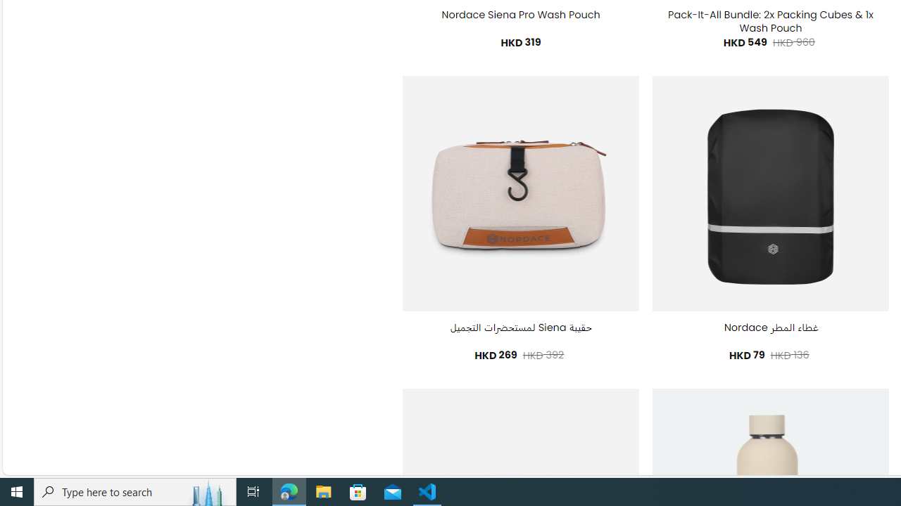 The height and width of the screenshot is (506, 901). What do you see at coordinates (770, 21) in the screenshot?
I see `'Pack-It-All Bundle: 2x Packing Cubes & 1x Wash Pouch'` at bounding box center [770, 21].